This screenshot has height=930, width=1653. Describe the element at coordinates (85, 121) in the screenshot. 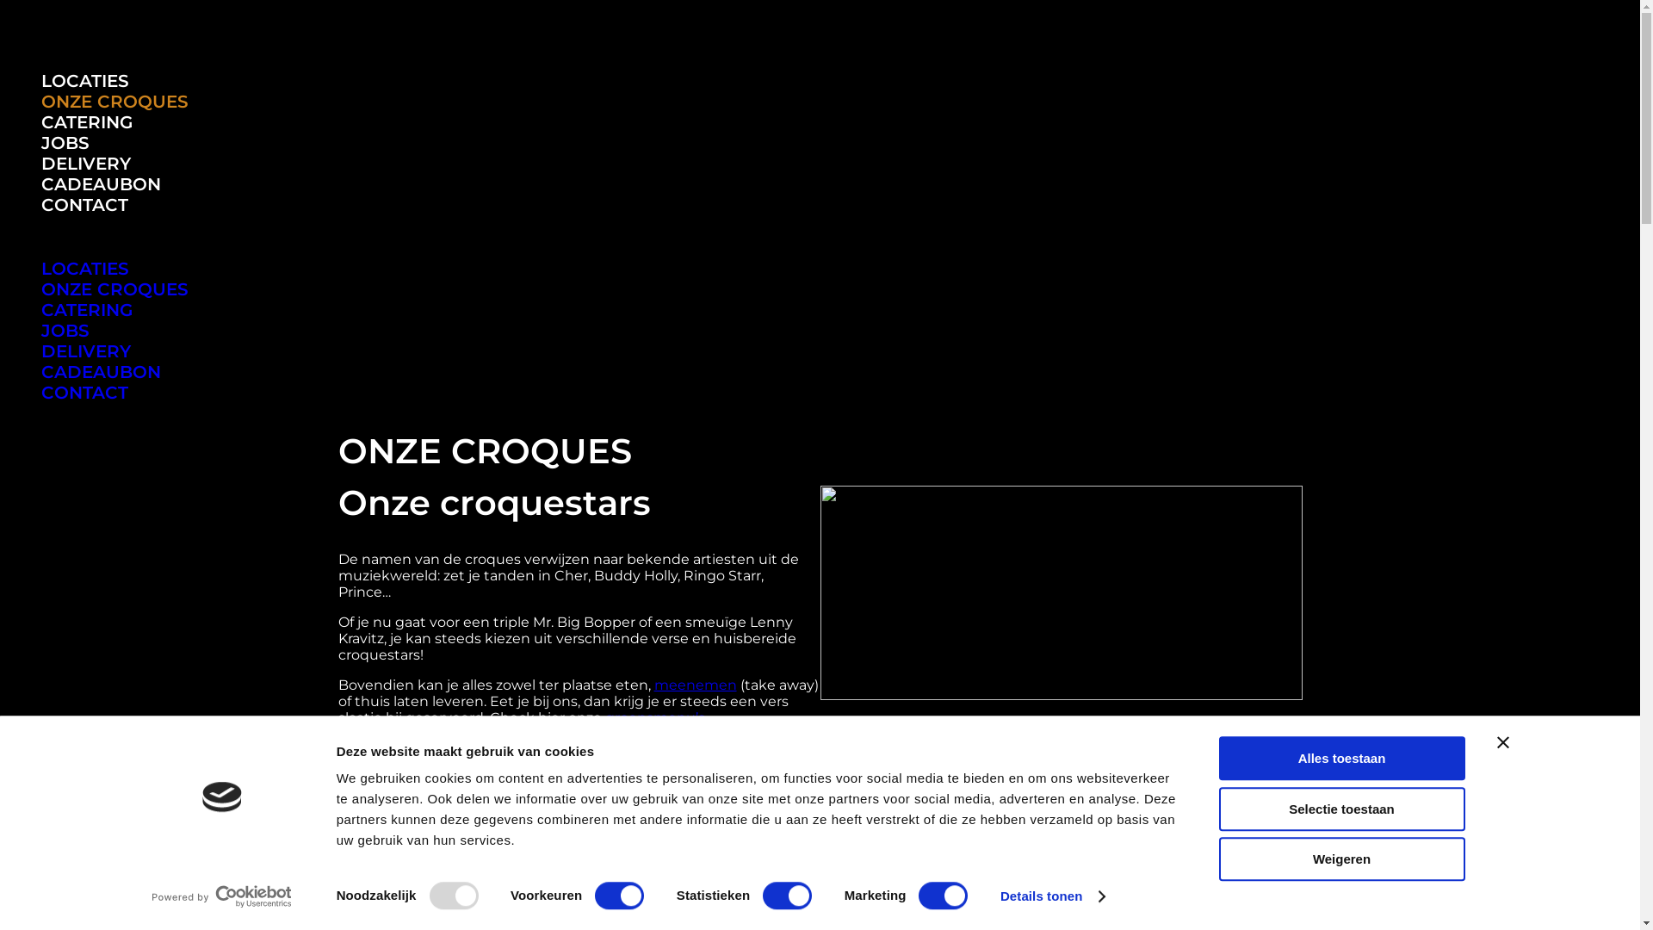

I see `'CATERING'` at that location.